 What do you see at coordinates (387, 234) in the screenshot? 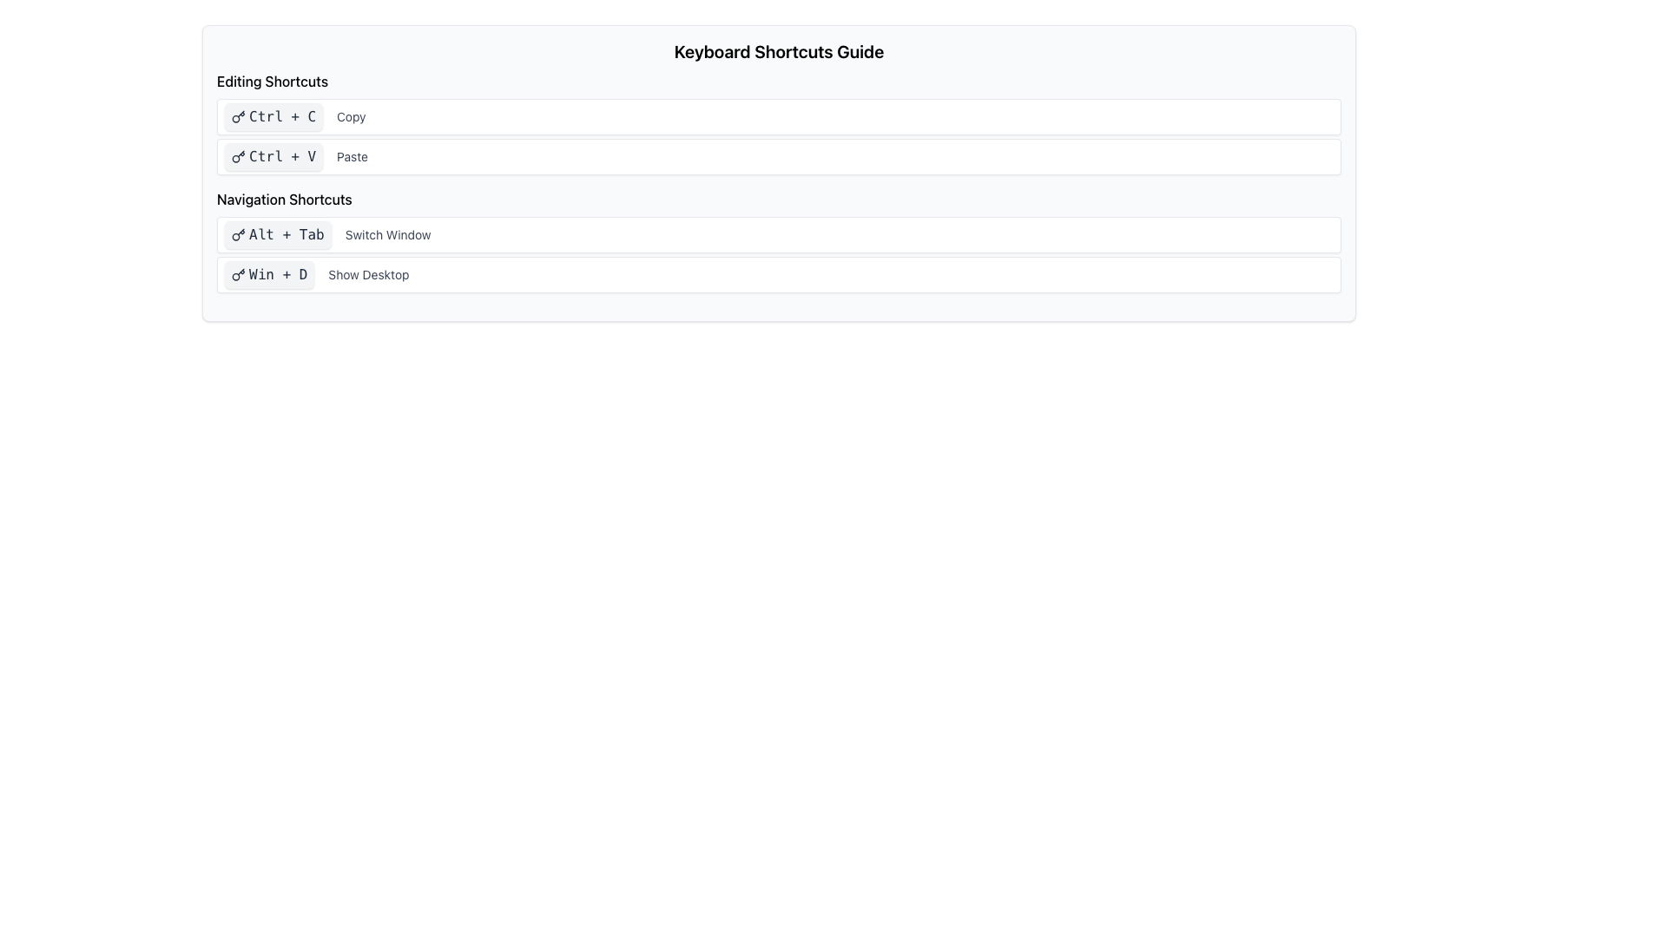
I see `the second text label describing the 'Alt + Tab' keyboard shortcut, which is located to the right of the 'Alt + Tab' label under 'Navigation Shortcuts'` at bounding box center [387, 234].